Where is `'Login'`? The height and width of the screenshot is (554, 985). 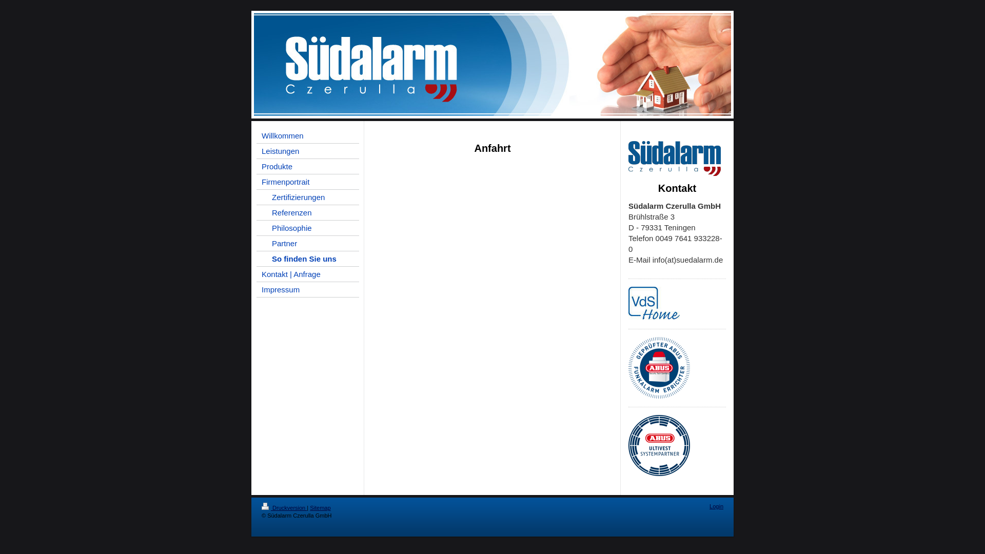
'Login' is located at coordinates (716, 506).